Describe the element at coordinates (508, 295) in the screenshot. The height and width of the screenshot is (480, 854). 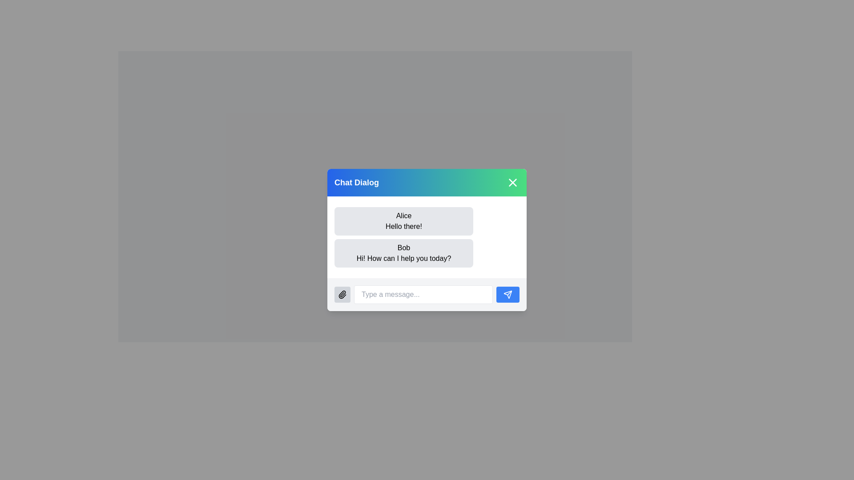
I see `the send icon located at the bottom right corner of the dialog interface to send a message` at that location.